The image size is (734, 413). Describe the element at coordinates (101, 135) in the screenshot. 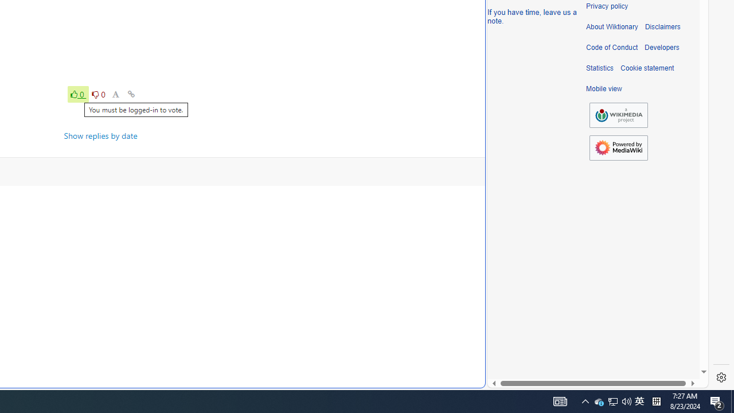

I see `'Show replies by date'` at that location.